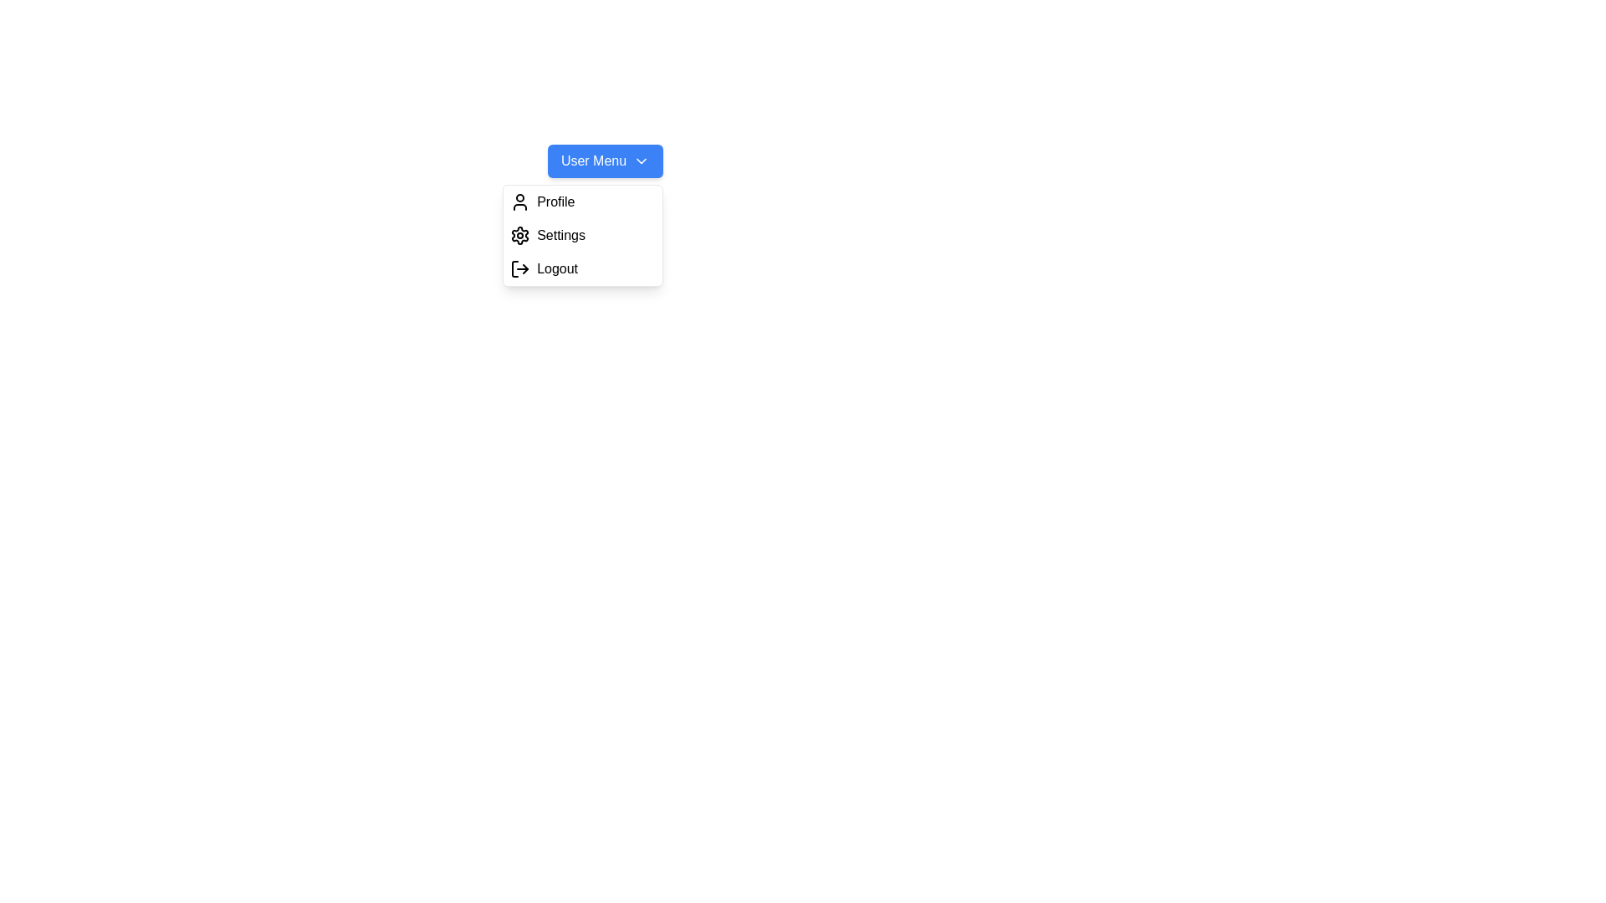 Image resolution: width=1606 pixels, height=903 pixels. Describe the element at coordinates (519, 235) in the screenshot. I see `the 'Settings' icon in the dropdown menu to activate focus effects` at that location.